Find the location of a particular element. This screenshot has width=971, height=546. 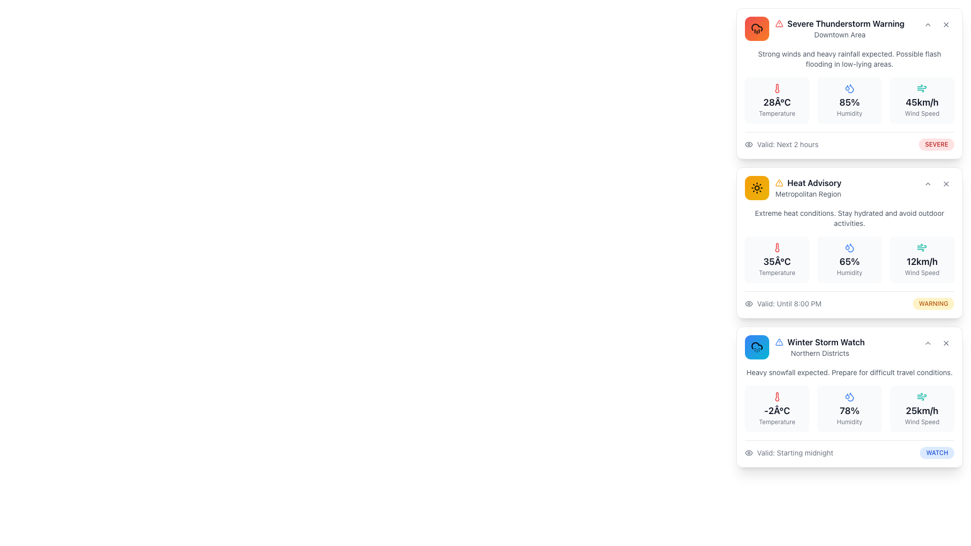

the leftmost temperature display card is located at coordinates (776, 101).